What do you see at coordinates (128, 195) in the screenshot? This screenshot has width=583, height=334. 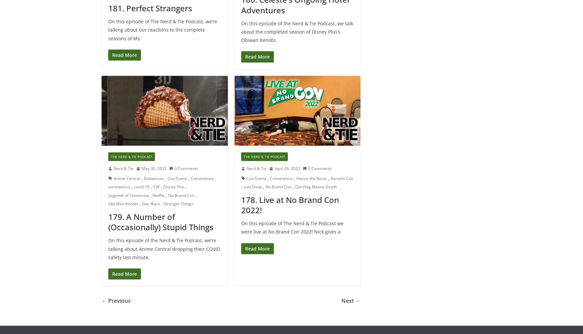 I see `'Legends of Tomorrow'` at bounding box center [128, 195].